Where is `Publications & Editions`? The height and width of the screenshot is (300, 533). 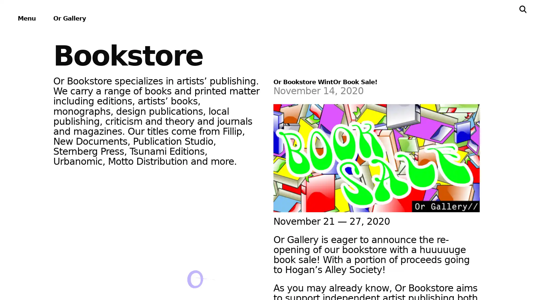
Publications & Editions is located at coordinates (120, 122).